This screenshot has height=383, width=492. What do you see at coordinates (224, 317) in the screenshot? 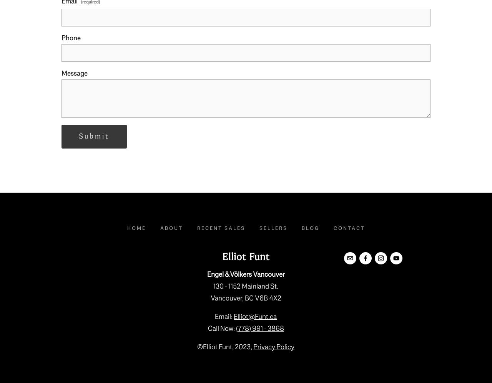
I see `'Email:'` at bounding box center [224, 317].